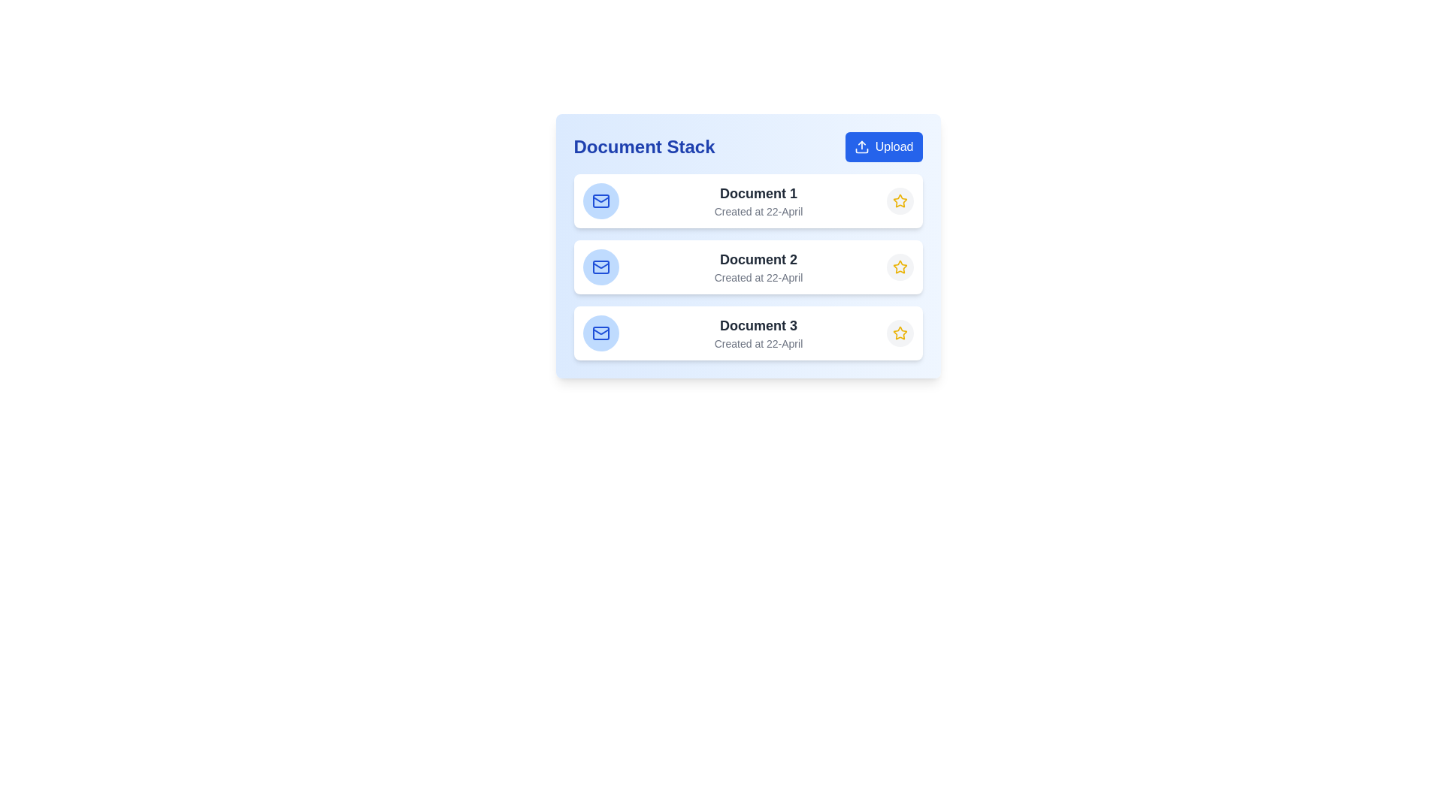  What do you see at coordinates (861, 147) in the screenshot?
I see `the upload button containing the upward arrow icon, which is located inside a rounded blue button labeled 'Upload' at the top-right corner of the 'Document Stack' card` at bounding box center [861, 147].